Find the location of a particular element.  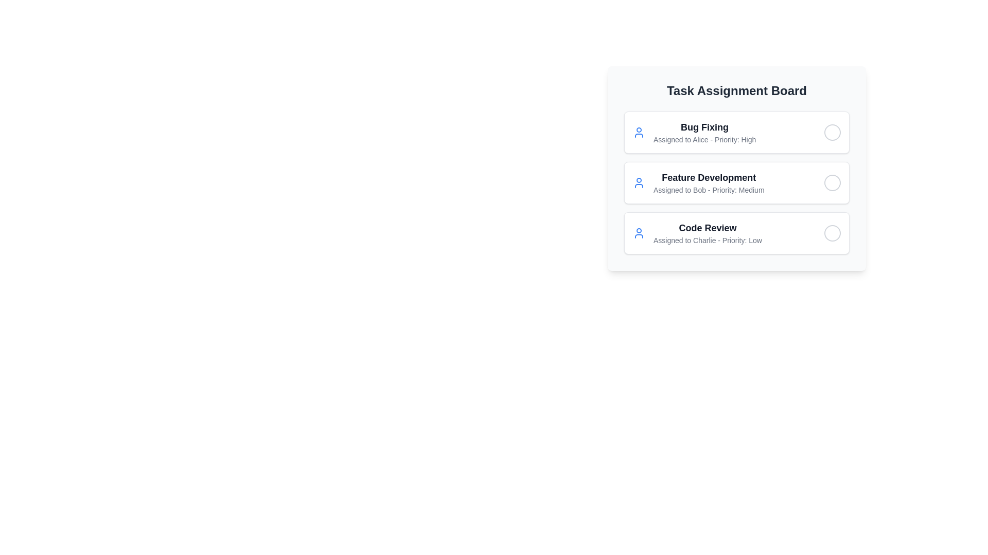

the informational text line displaying 'Assigned to Bob - Priority: Medium', which is located below the bold title 'Feature Development' and is the second text line in the task list is located at coordinates (708, 190).